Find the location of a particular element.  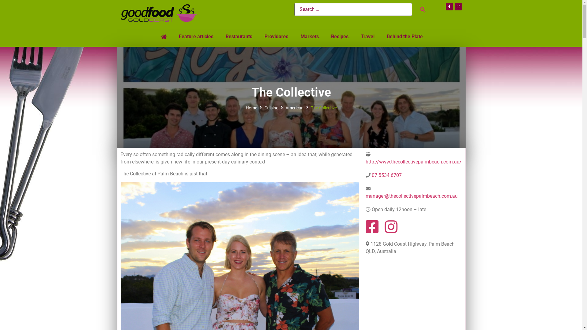

'Travel' is located at coordinates (367, 36).